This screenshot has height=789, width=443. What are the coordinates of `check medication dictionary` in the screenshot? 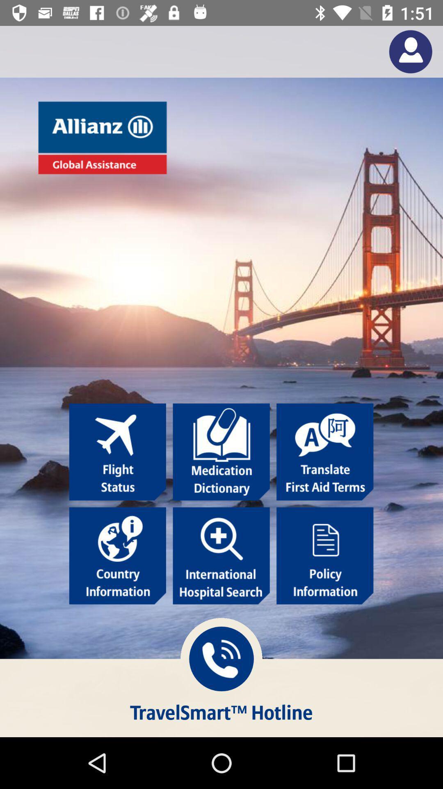 It's located at (221, 451).